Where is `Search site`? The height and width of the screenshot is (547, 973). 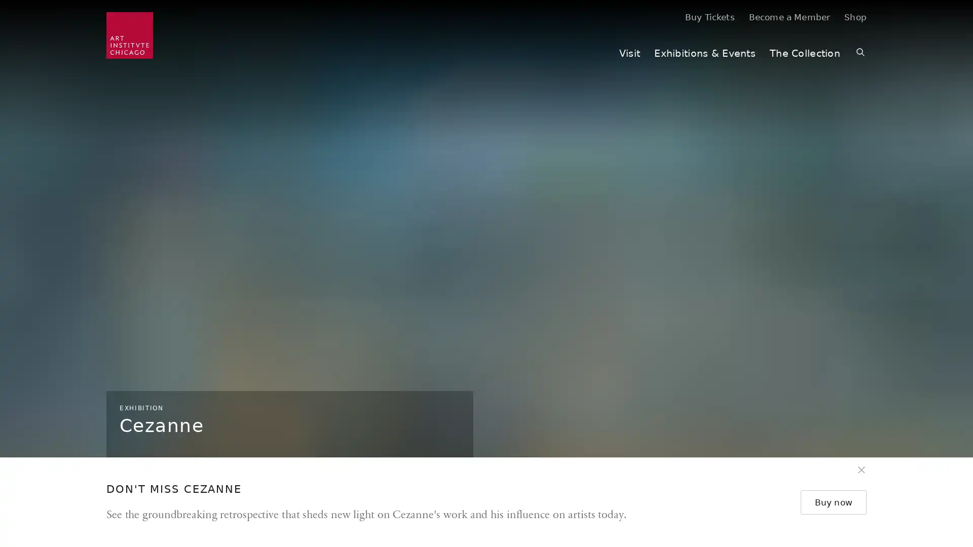
Search site is located at coordinates (860, 53).